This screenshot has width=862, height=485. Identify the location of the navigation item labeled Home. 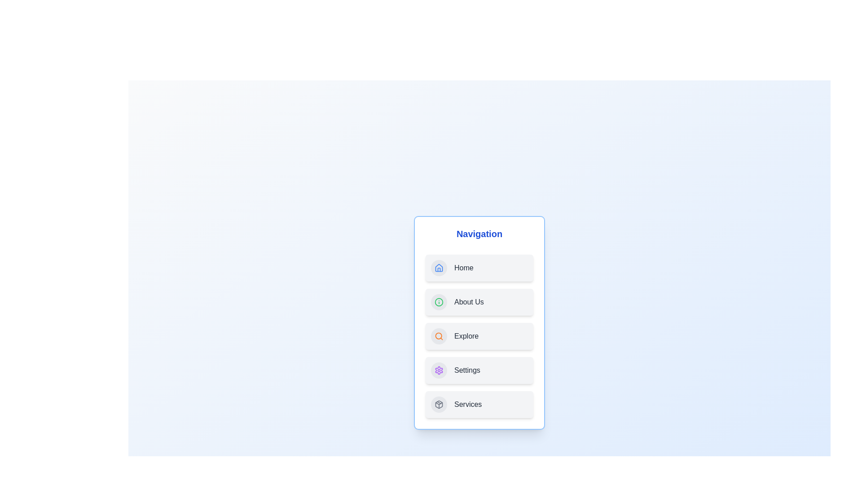
(479, 268).